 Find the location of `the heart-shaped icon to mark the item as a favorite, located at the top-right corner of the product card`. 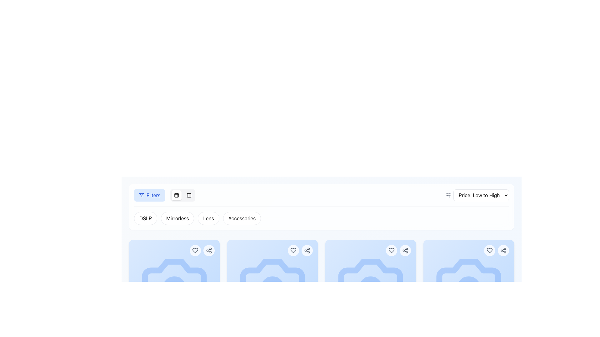

the heart-shaped icon to mark the item as a favorite, located at the top-right corner of the product card is located at coordinates (489, 250).